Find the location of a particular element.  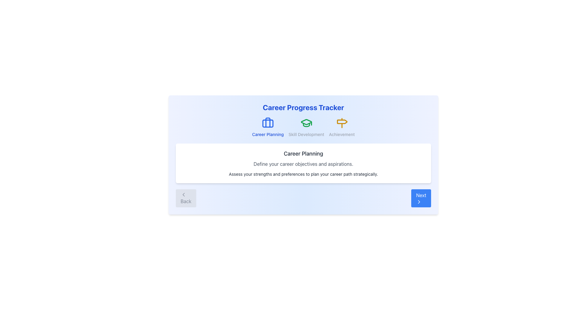

the skill development Icon and label component is located at coordinates (306, 127).